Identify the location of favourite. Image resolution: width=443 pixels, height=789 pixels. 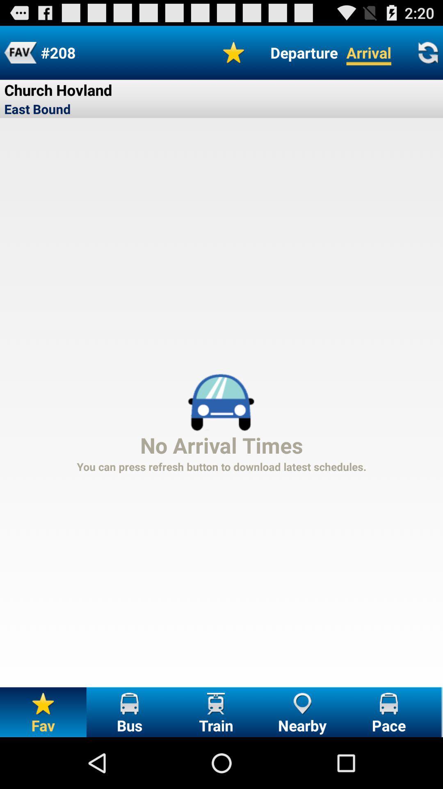
(234, 52).